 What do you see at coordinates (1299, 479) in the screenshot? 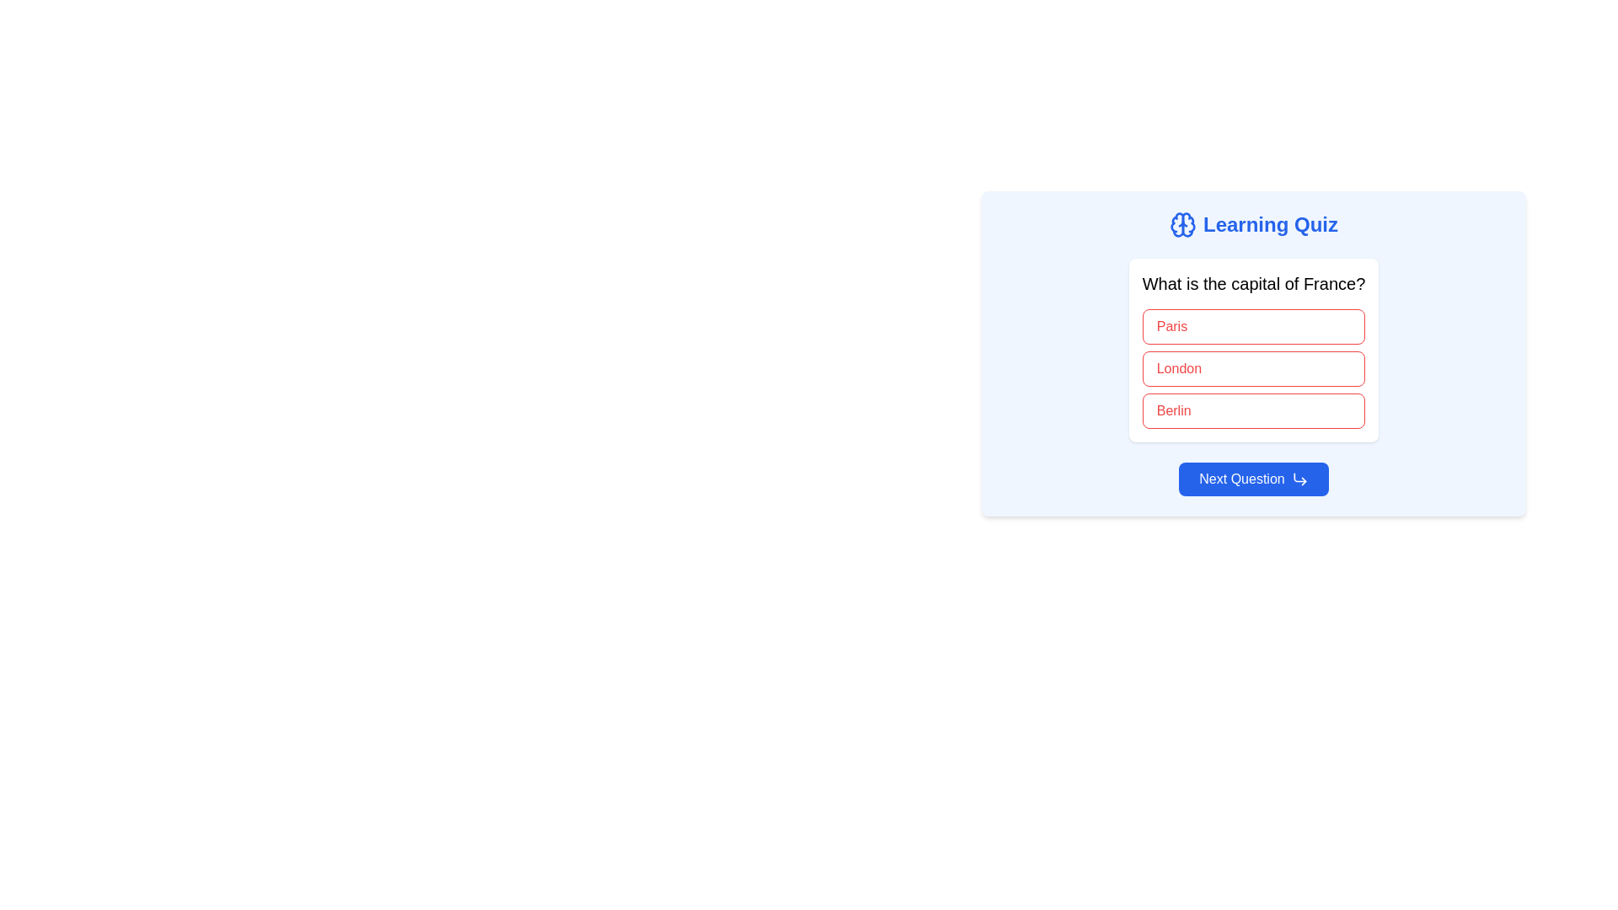
I see `the upward curved arrow icon in white on a blue background` at bounding box center [1299, 479].